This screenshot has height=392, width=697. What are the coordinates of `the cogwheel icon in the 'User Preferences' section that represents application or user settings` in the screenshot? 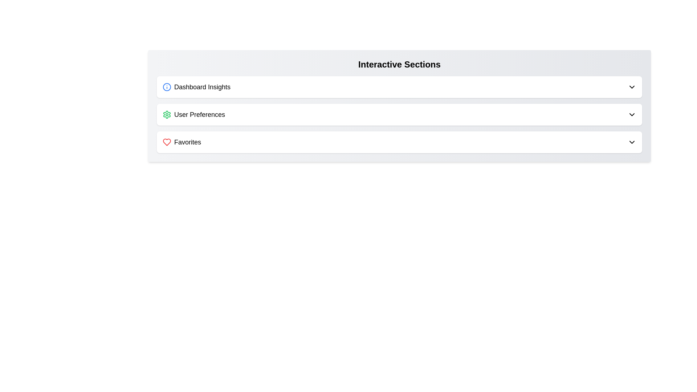 It's located at (167, 114).